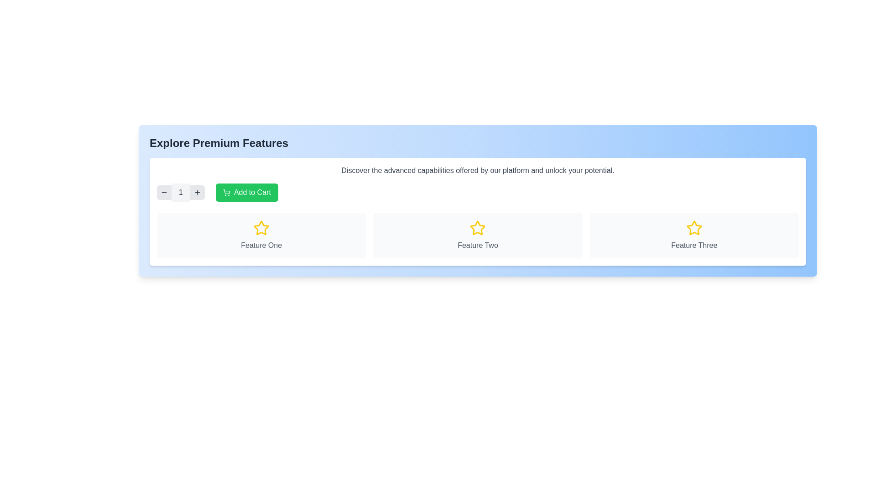 The image size is (876, 493). Describe the element at coordinates (693, 245) in the screenshot. I see `the text label displaying 'Feature Three' in gray font, located in the third column beneath a yellow star icon, within a rounded white background` at that location.